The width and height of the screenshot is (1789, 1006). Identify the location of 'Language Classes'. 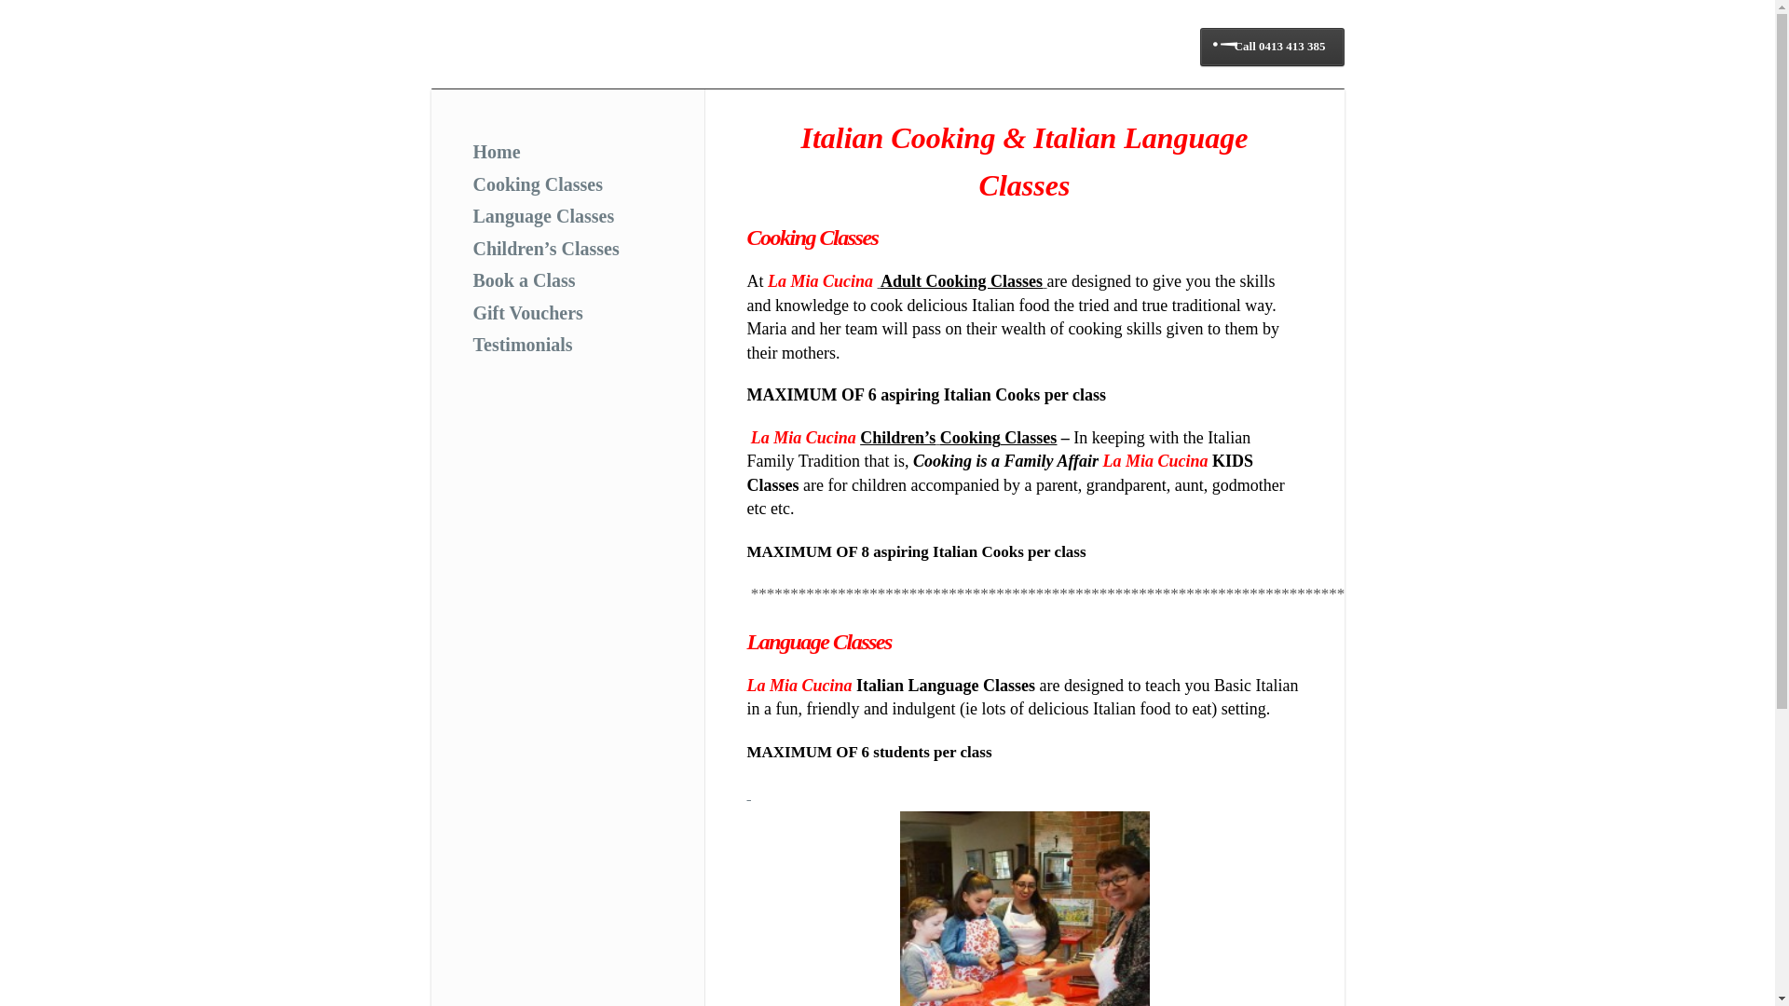
(473, 214).